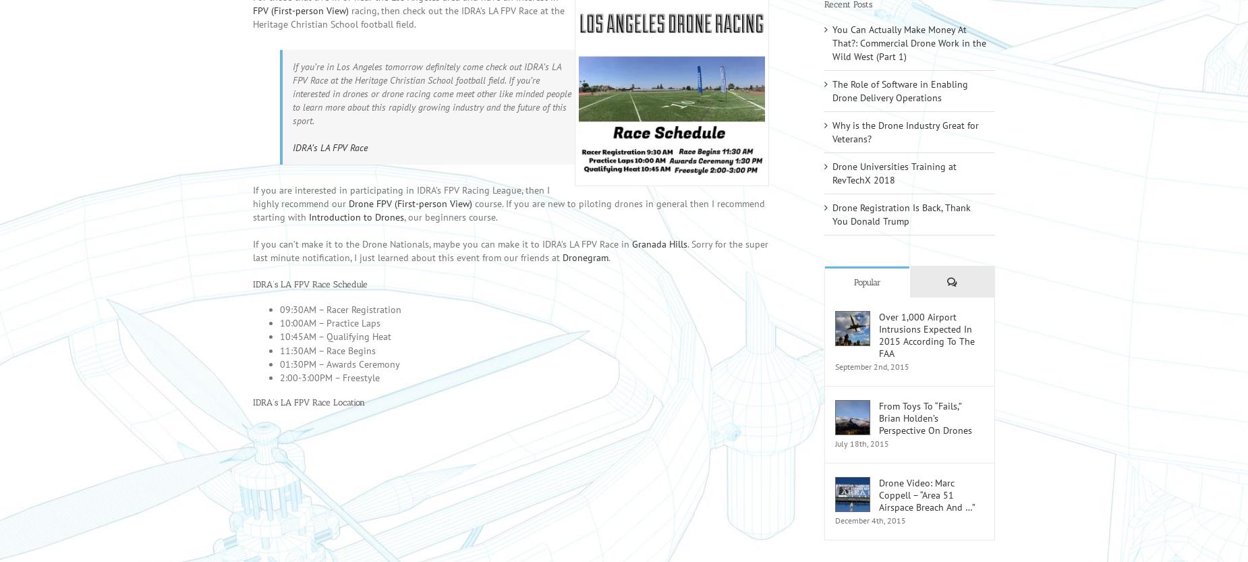 Image resolution: width=1248 pixels, height=562 pixels. I want to click on 'Over 1,000 Airport Intrusions Expected In 2015 According To The FAA', so click(878, 354).